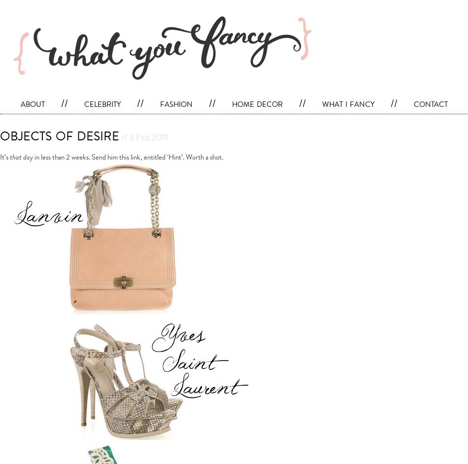 The width and height of the screenshot is (468, 464). I want to click on '// 3 Feb 2011', so click(118, 136).